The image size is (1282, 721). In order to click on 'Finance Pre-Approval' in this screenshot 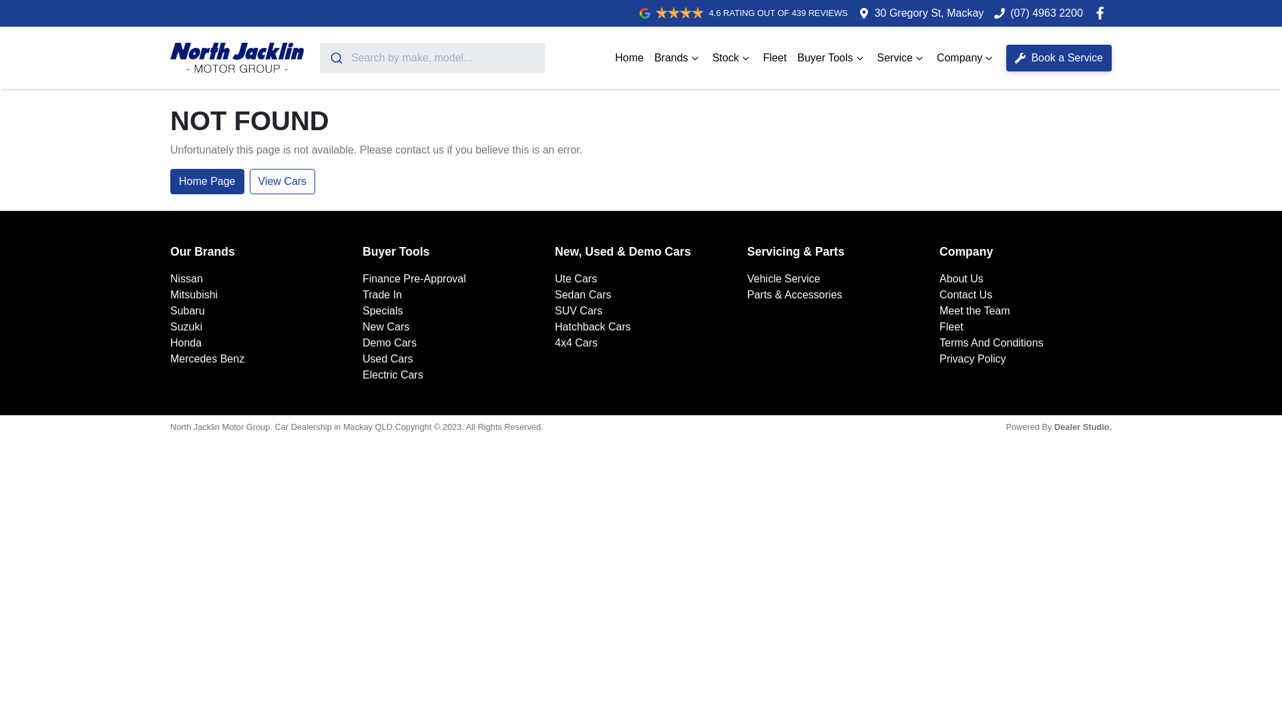, I will do `click(413, 278)`.